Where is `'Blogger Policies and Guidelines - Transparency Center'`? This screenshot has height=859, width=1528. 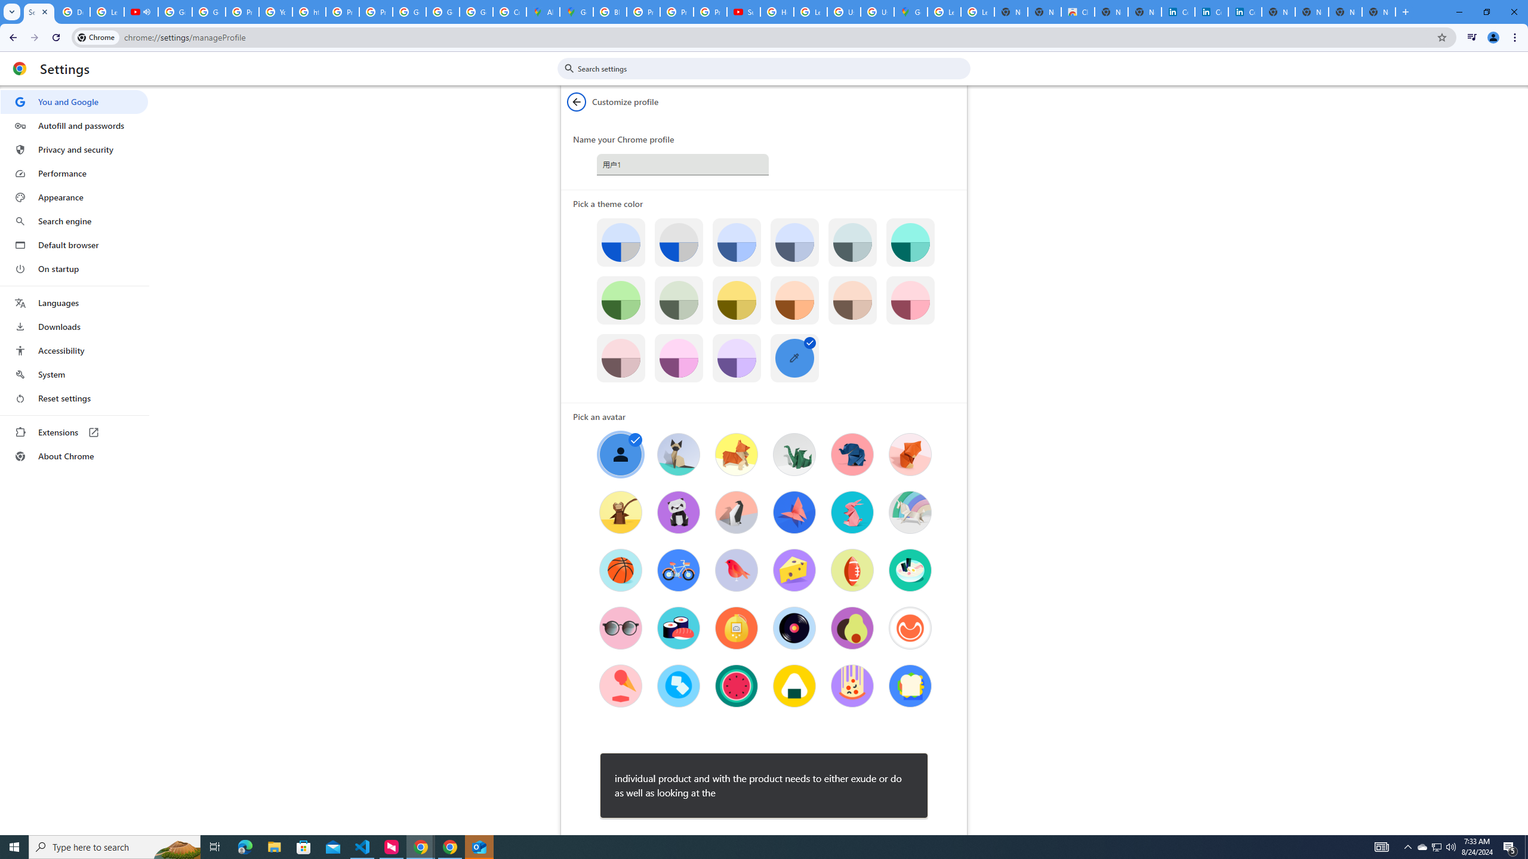 'Blogger Policies and Guidelines - Transparency Center' is located at coordinates (610, 11).